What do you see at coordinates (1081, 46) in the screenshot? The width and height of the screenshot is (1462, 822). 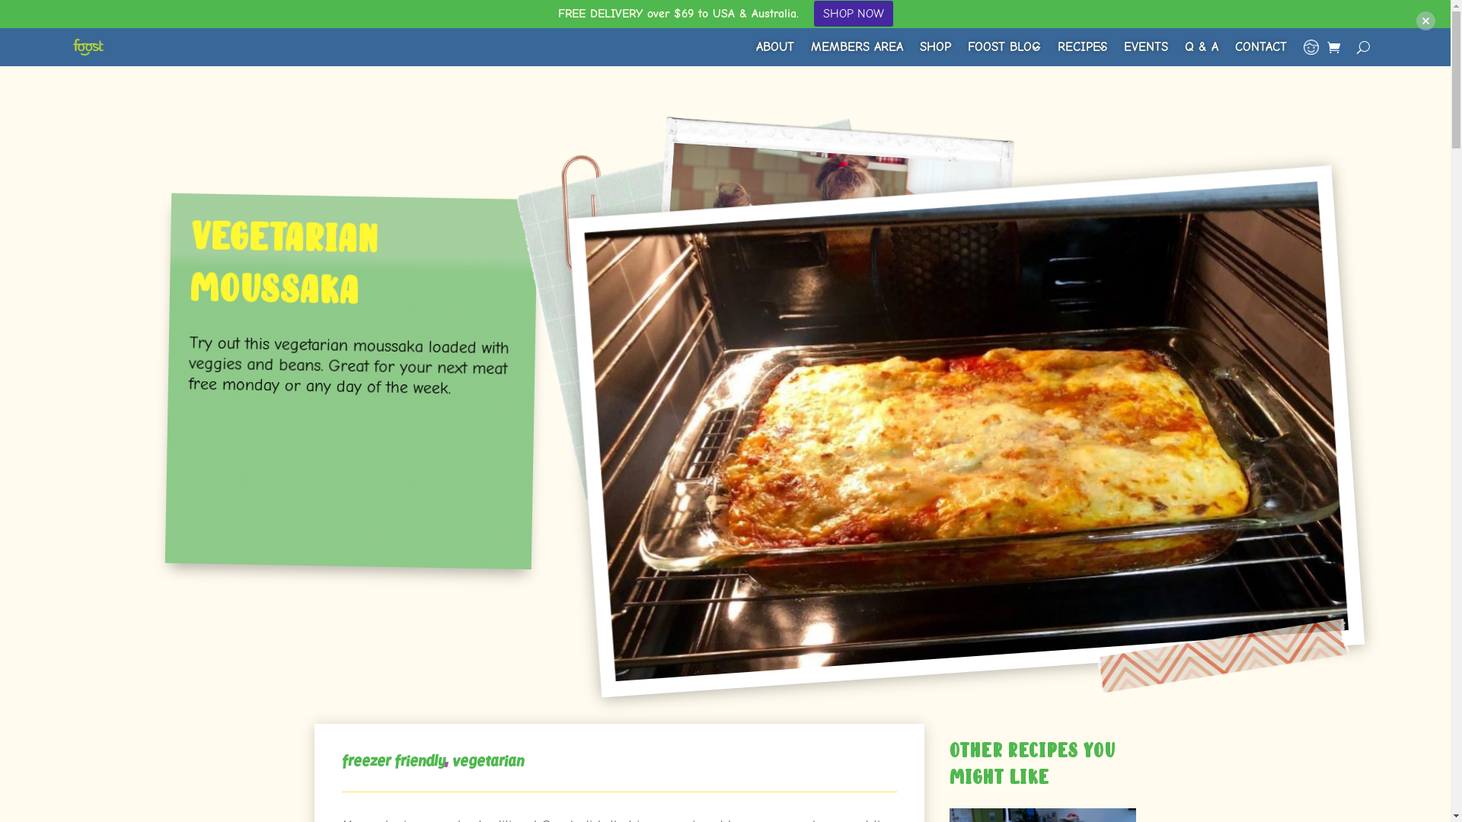 I see `'RECIPES'` at bounding box center [1081, 46].